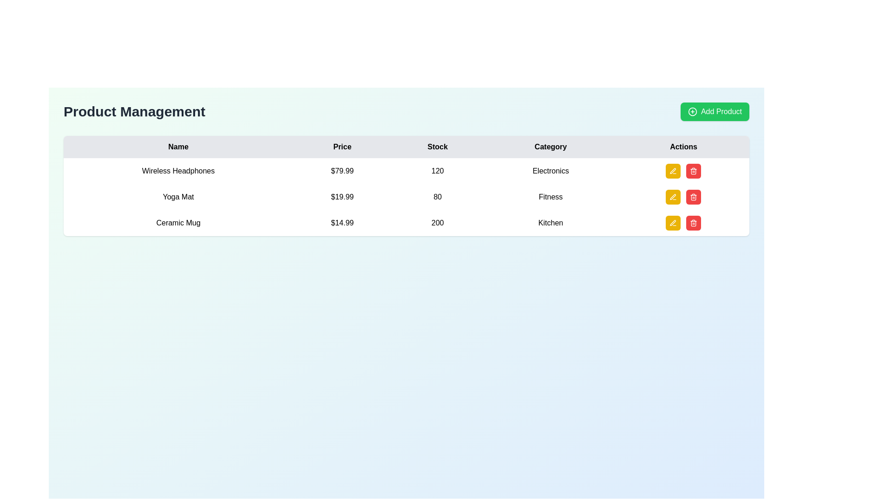 This screenshot has width=892, height=501. Describe the element at coordinates (694, 171) in the screenshot. I see `the trash can icon located in the last column of the table, aligned with the third row (Ceramic Mug), to initiate a delete action` at that location.